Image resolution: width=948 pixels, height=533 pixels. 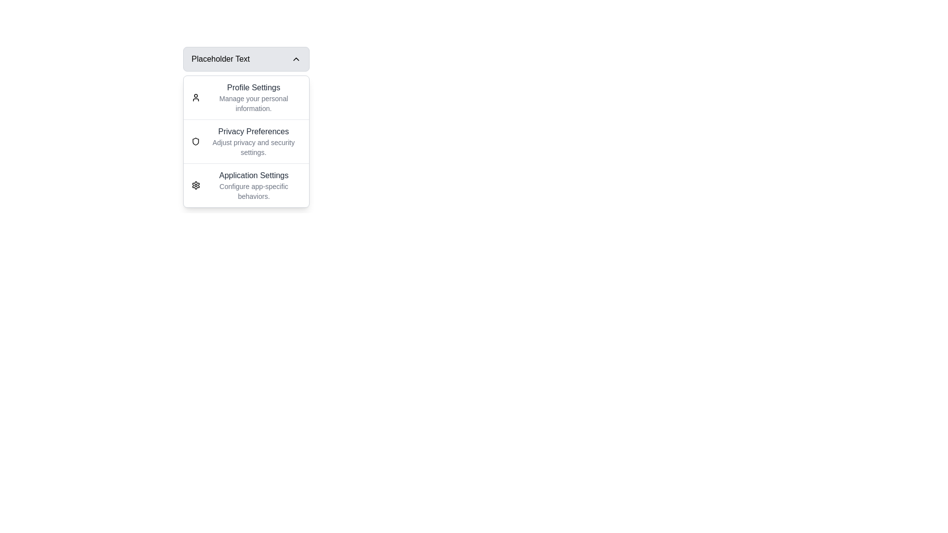 What do you see at coordinates (246, 73) in the screenshot?
I see `the Dropdown toggle button that contains the text 'Placeholder Text' and has a downward-facing chevron icon` at bounding box center [246, 73].